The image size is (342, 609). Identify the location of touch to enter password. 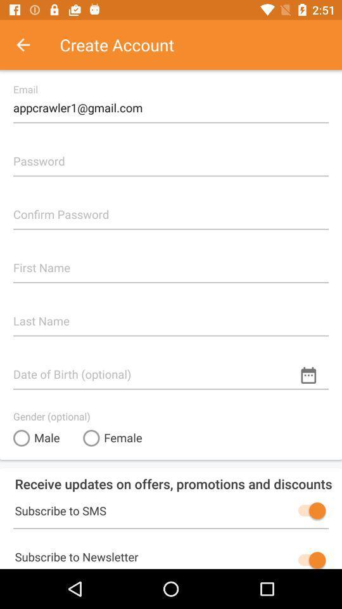
(171, 155).